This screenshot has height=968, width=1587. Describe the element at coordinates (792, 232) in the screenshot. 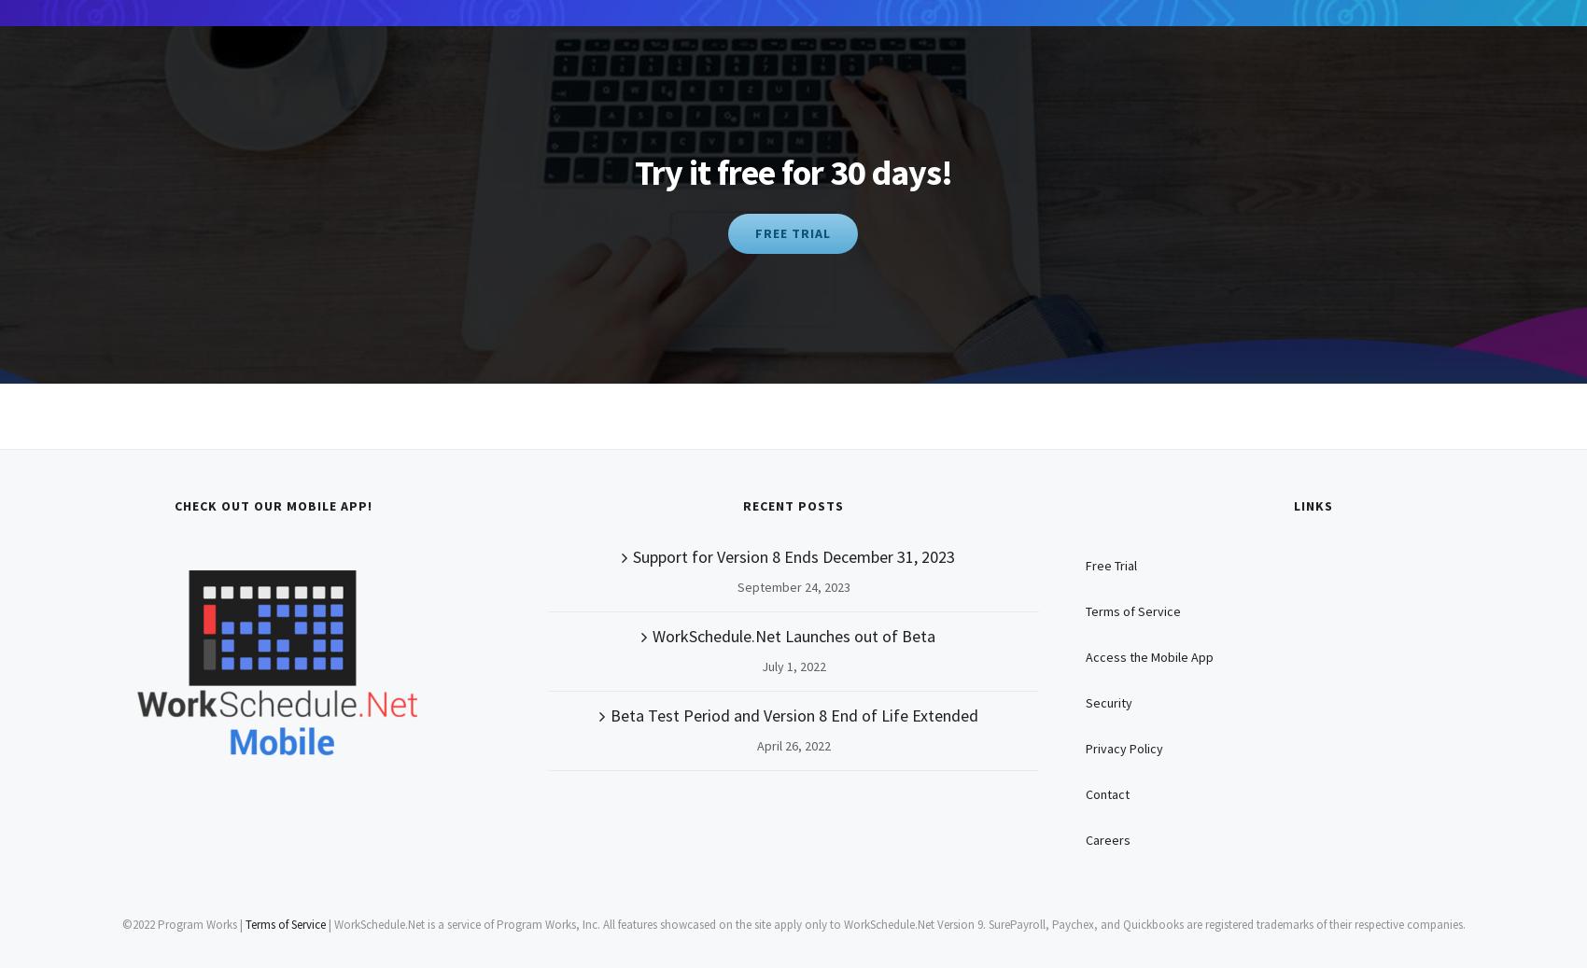

I see `'FREE TRIAL'` at that location.